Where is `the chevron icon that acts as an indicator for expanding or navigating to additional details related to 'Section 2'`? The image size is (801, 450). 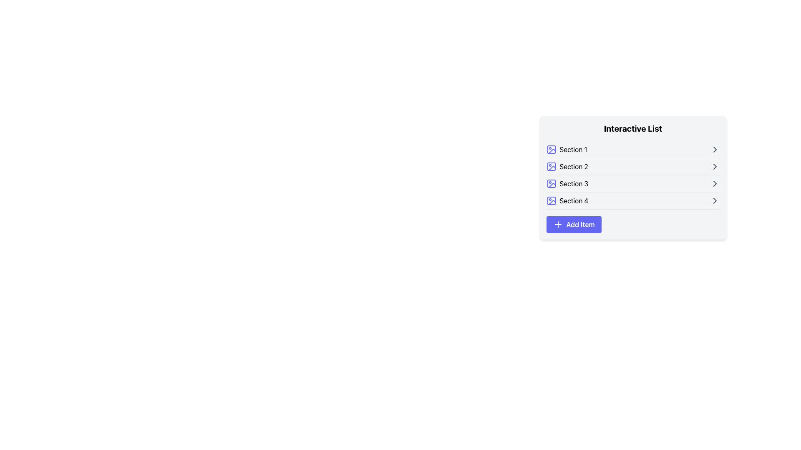
the chevron icon that acts as an indicator for expanding or navigating to additional details related to 'Section 2' is located at coordinates (714, 167).